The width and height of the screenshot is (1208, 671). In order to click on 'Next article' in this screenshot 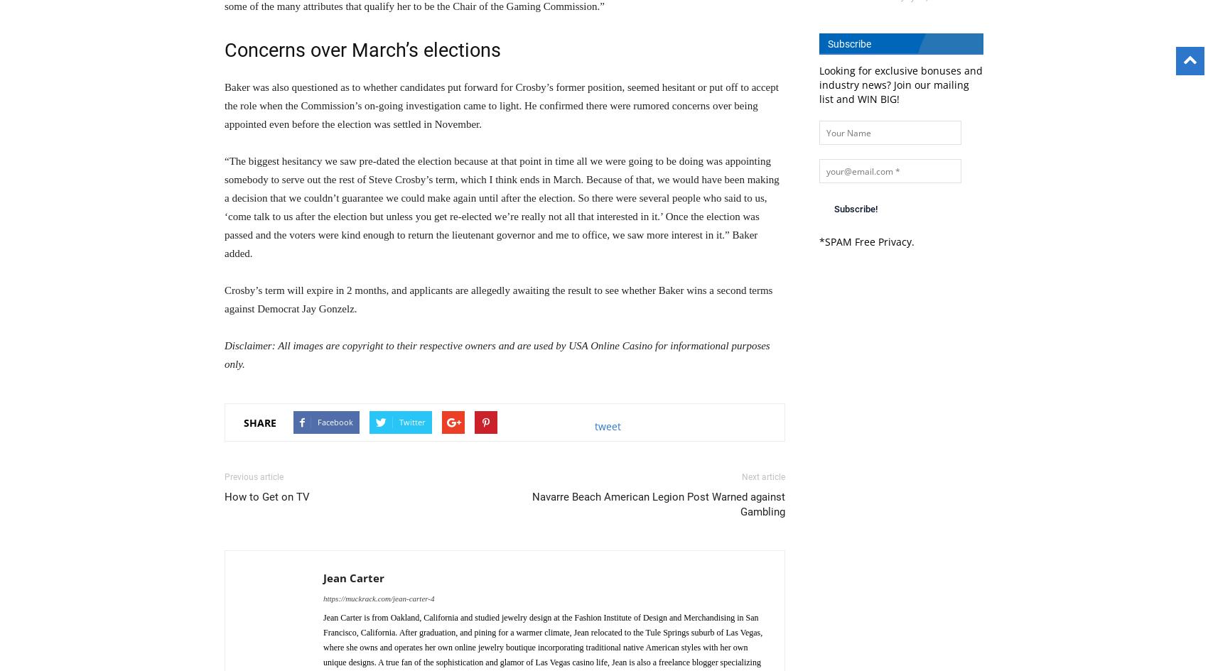, I will do `click(763, 476)`.